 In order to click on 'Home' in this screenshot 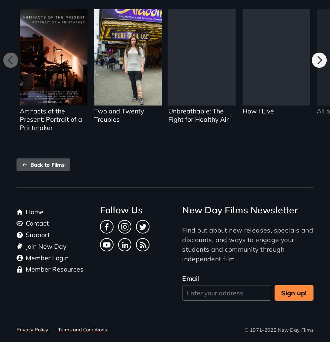, I will do `click(25, 211)`.